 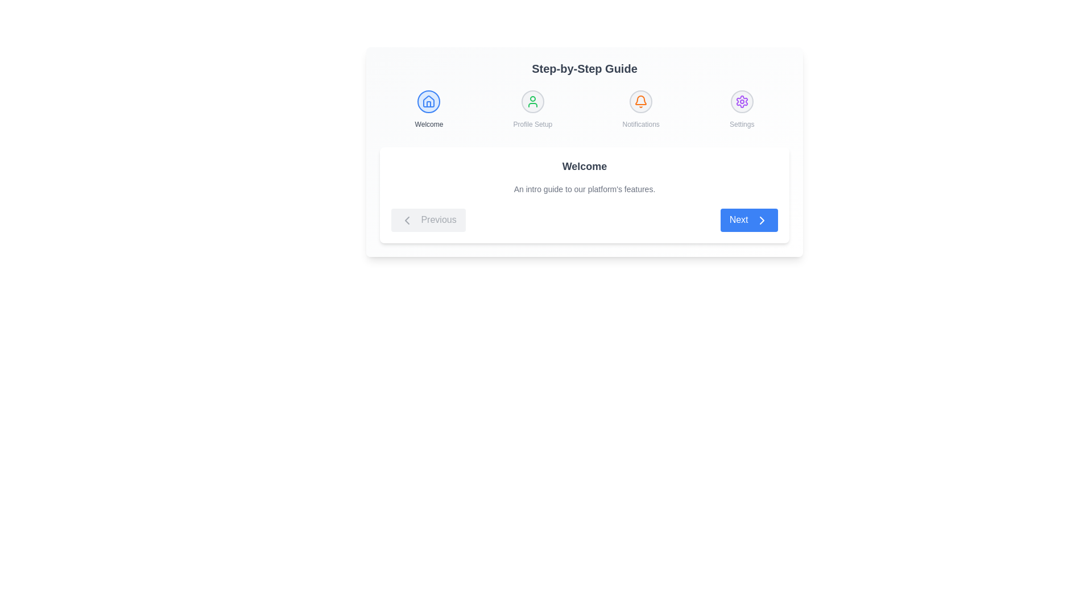 What do you see at coordinates (532, 125) in the screenshot?
I see `the text label reading 'Profile Setup', which is displayed in a small, gray, sans-serif font, located beneath the user profile icon in the progress indicator` at bounding box center [532, 125].